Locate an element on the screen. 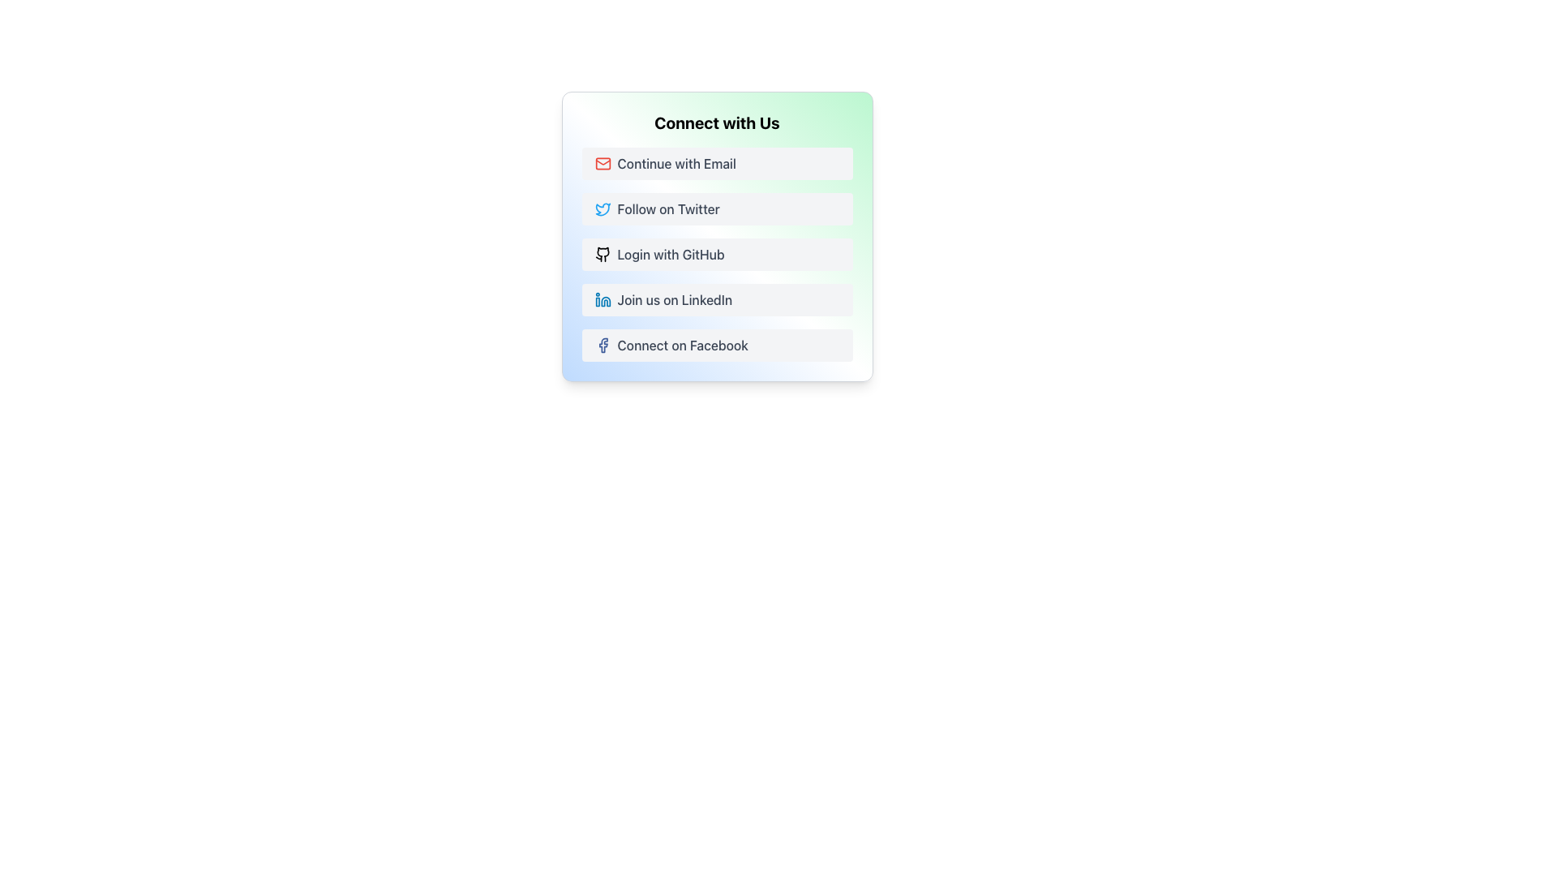 This screenshot has height=876, width=1557. the vector graphic component of the mail icon representing email functionality in the 'Connect with Us' section, located at the top of the options list, left of the 'Continue with Email' text is located at coordinates (602, 163).